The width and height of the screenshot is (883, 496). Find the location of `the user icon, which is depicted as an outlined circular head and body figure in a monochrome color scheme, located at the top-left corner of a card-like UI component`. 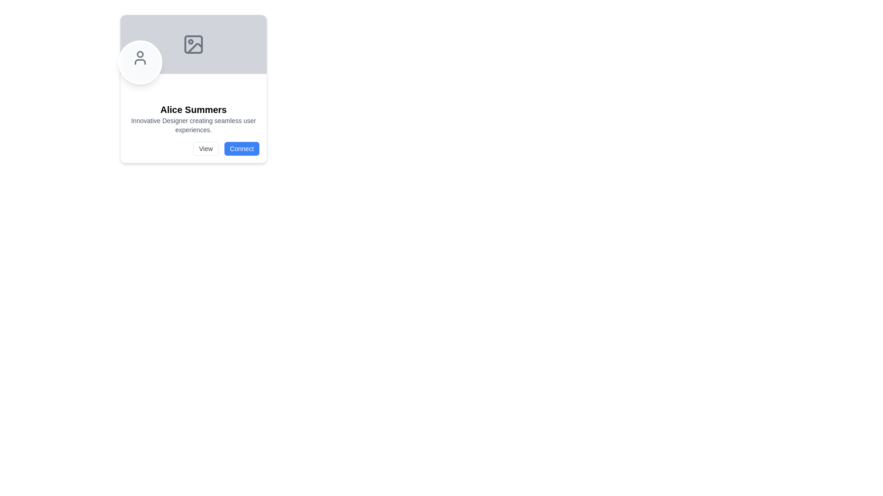

the user icon, which is depicted as an outlined circular head and body figure in a monochrome color scheme, located at the top-left corner of a card-like UI component is located at coordinates (140, 58).